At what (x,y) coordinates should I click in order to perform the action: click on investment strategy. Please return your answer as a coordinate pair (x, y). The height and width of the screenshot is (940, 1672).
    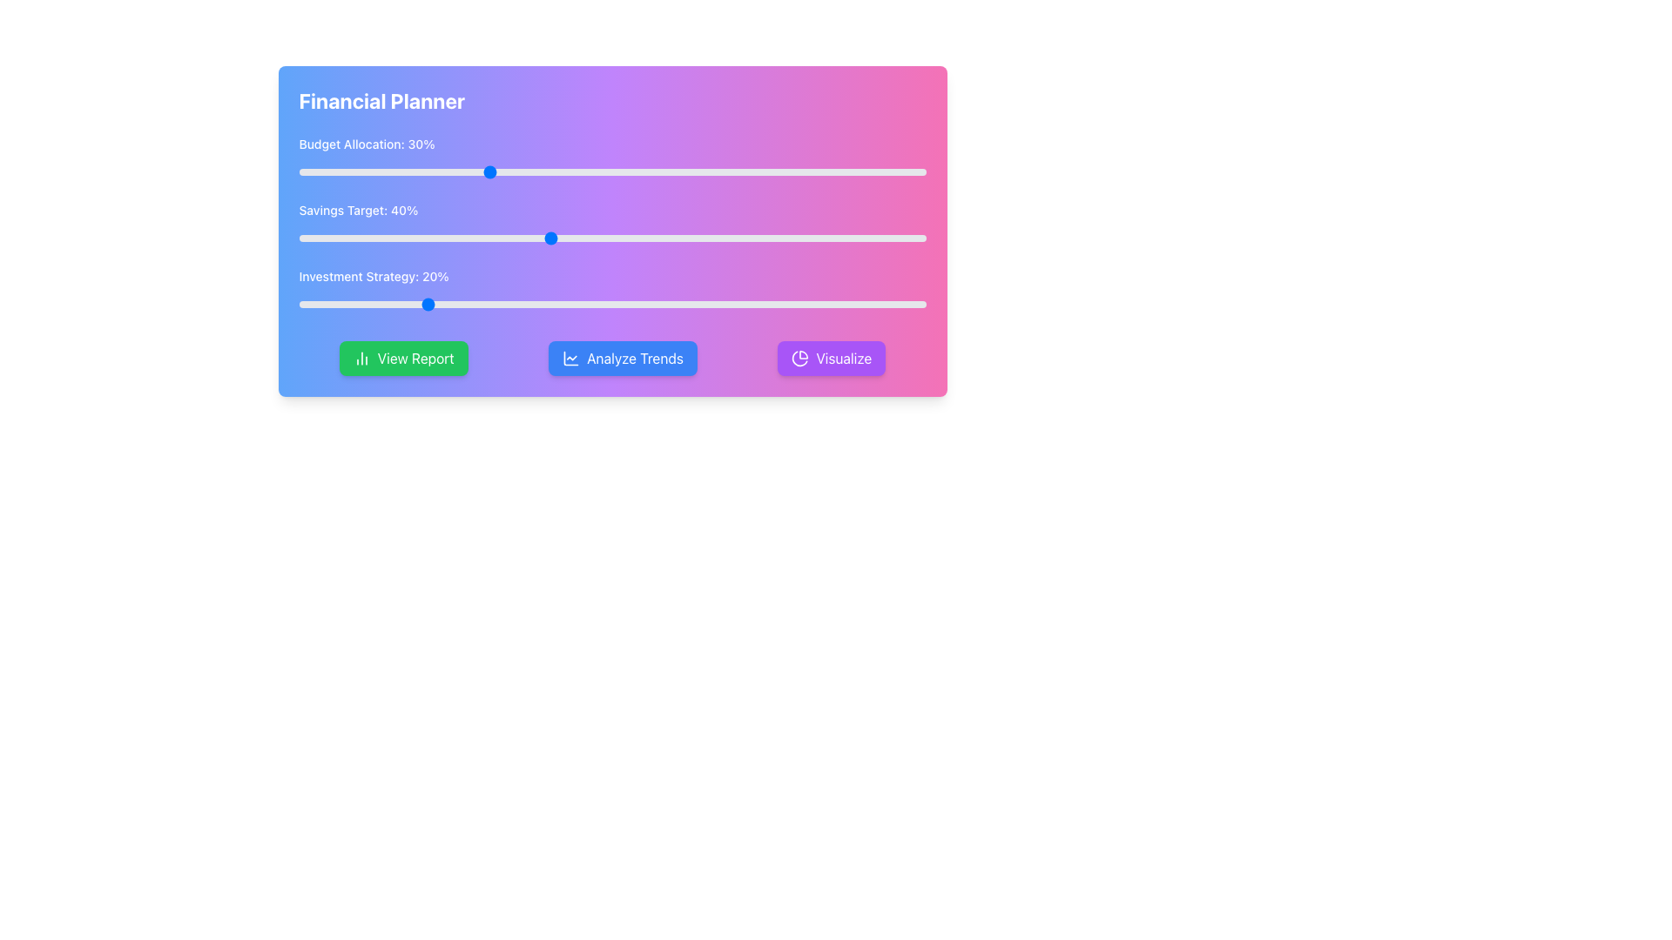
    Looking at the image, I should click on (449, 304).